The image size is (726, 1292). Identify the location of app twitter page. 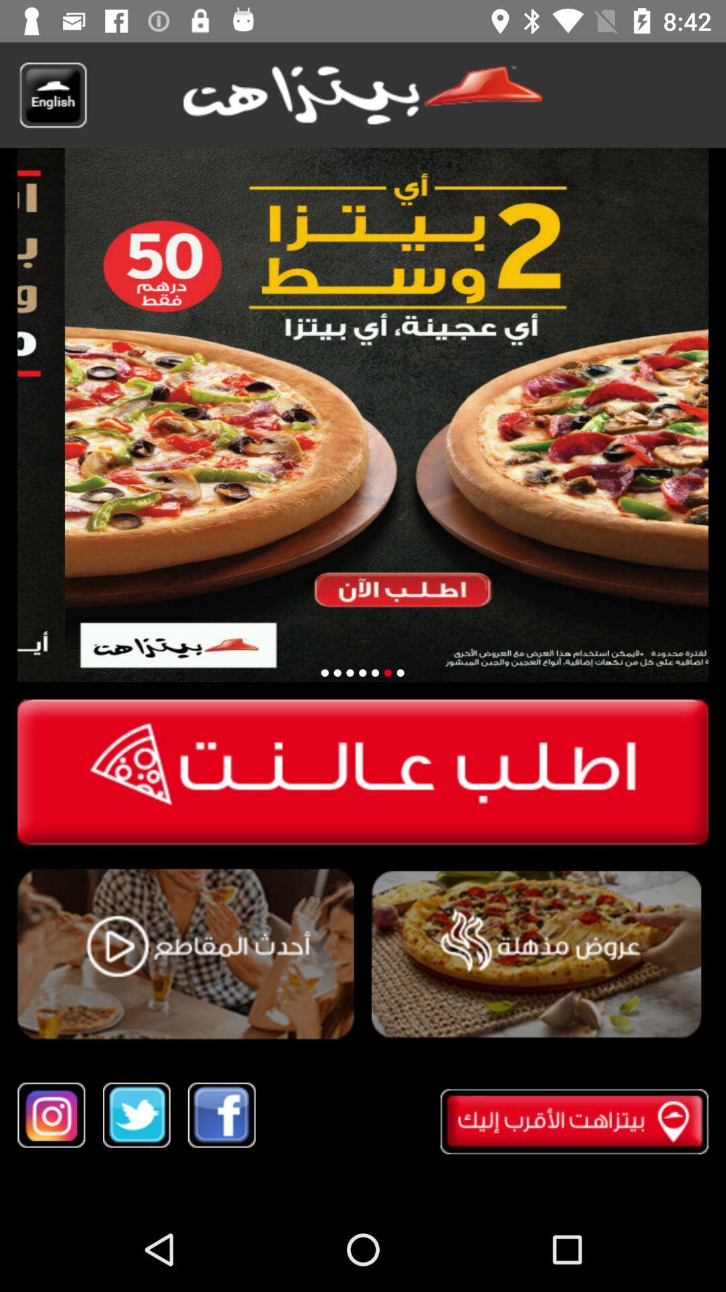
(136, 1115).